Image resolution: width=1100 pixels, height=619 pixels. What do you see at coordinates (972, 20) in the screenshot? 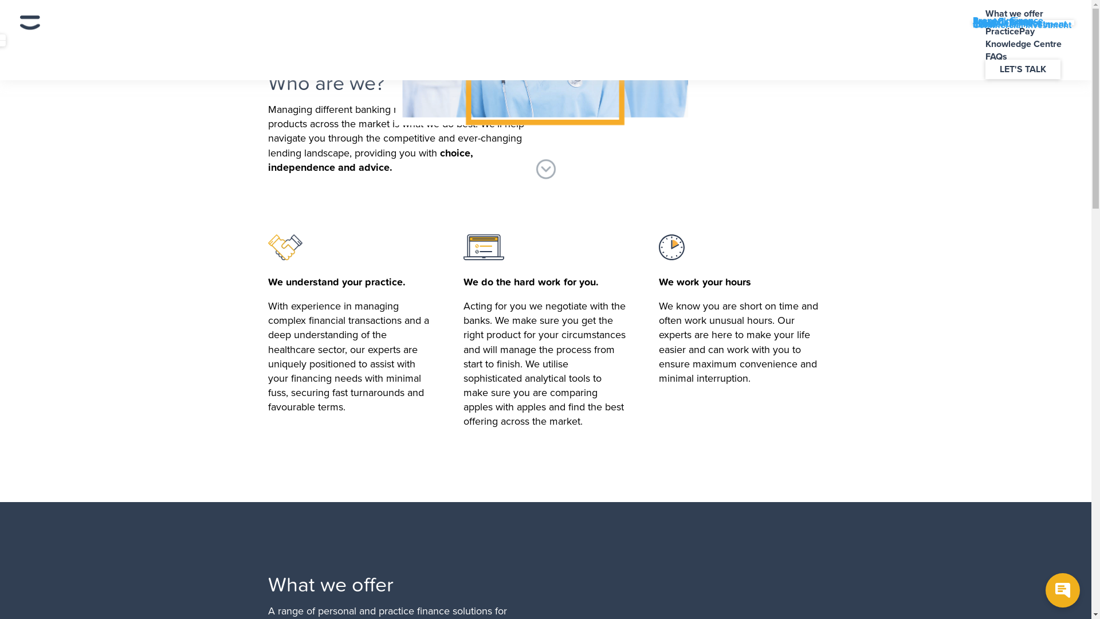
I see `'Property Finance'` at bounding box center [972, 20].